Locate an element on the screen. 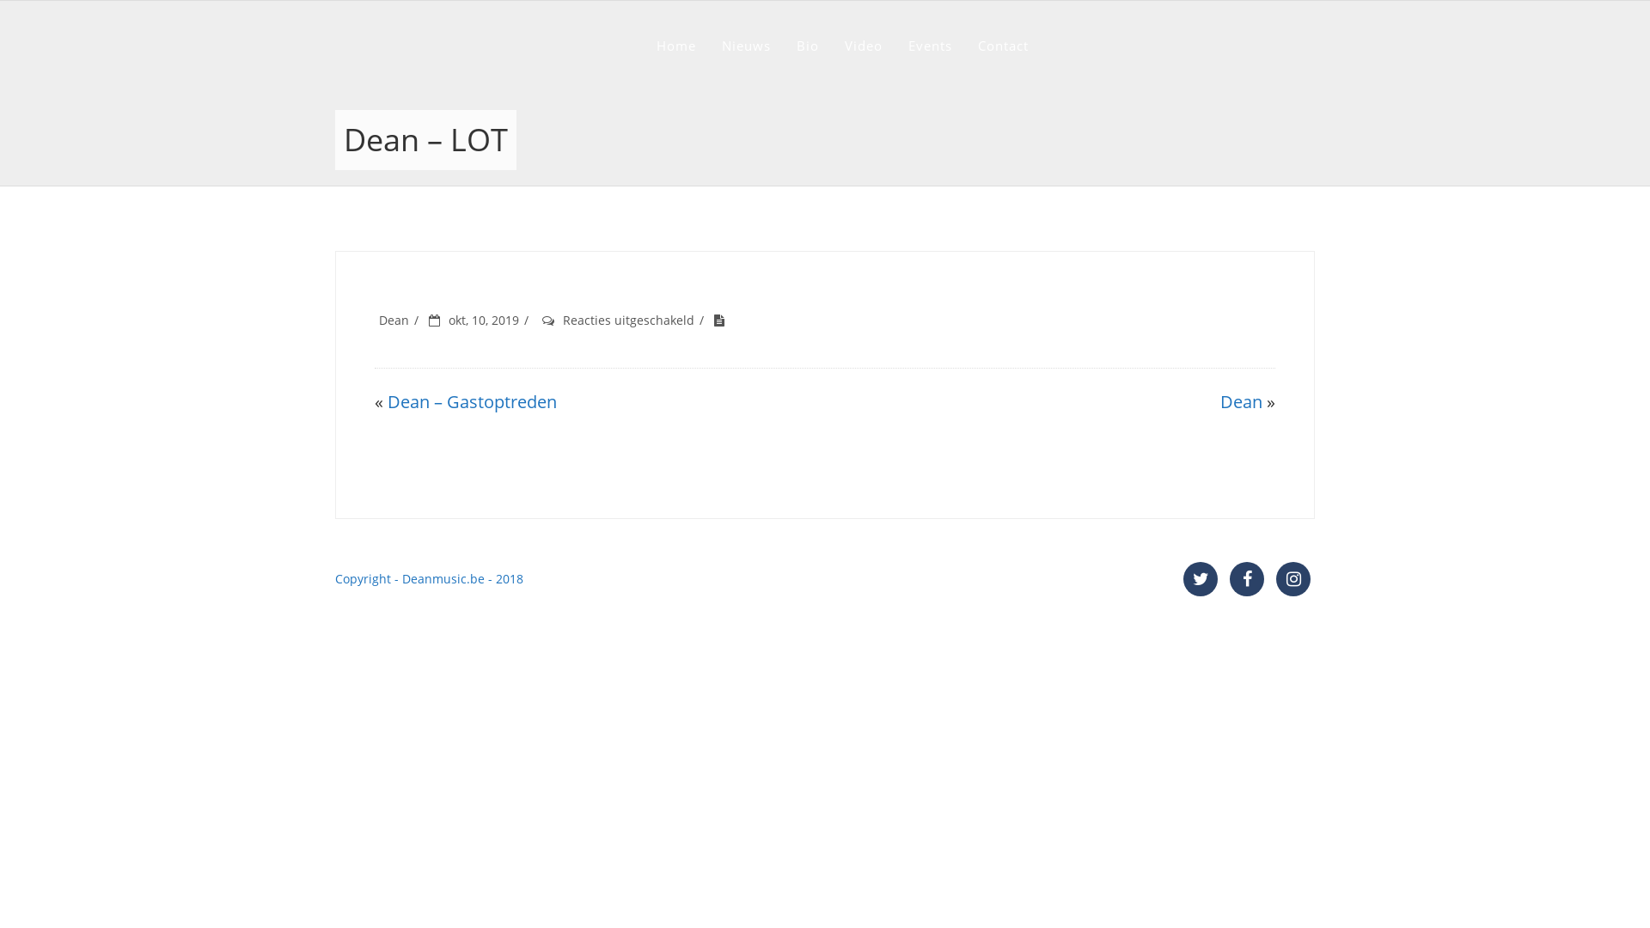 The width and height of the screenshot is (1650, 928). 'Events' is located at coordinates (928, 45).